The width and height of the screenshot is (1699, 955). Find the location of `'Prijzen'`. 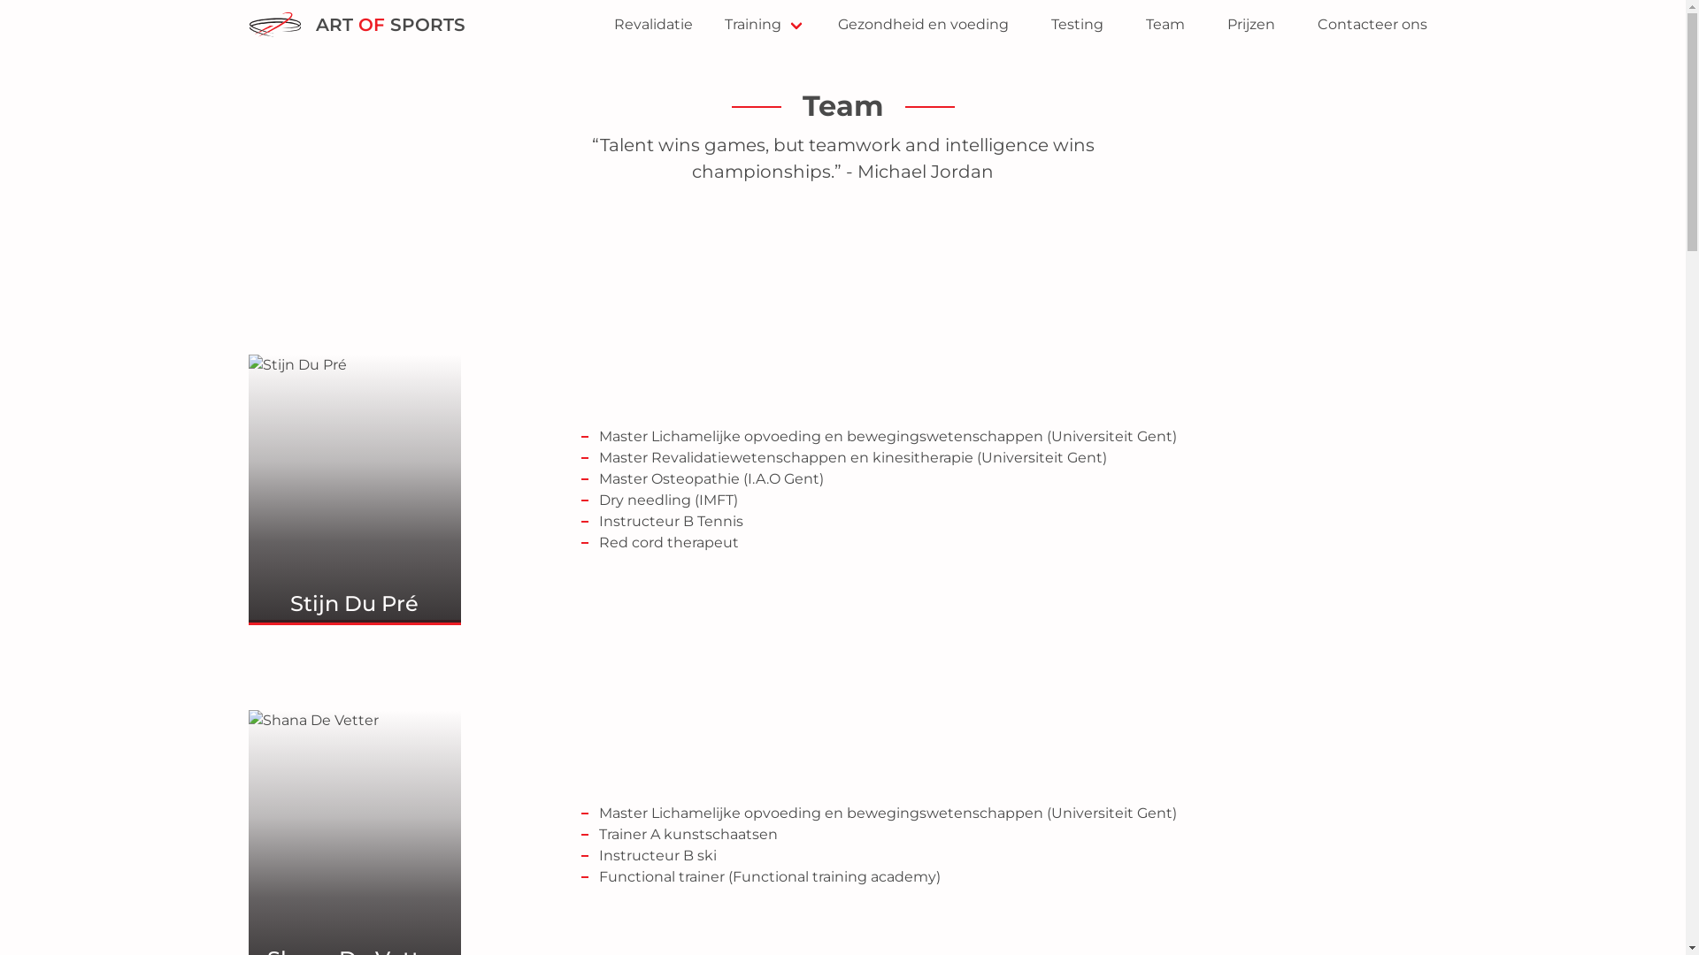

'Prijzen' is located at coordinates (1249, 24).